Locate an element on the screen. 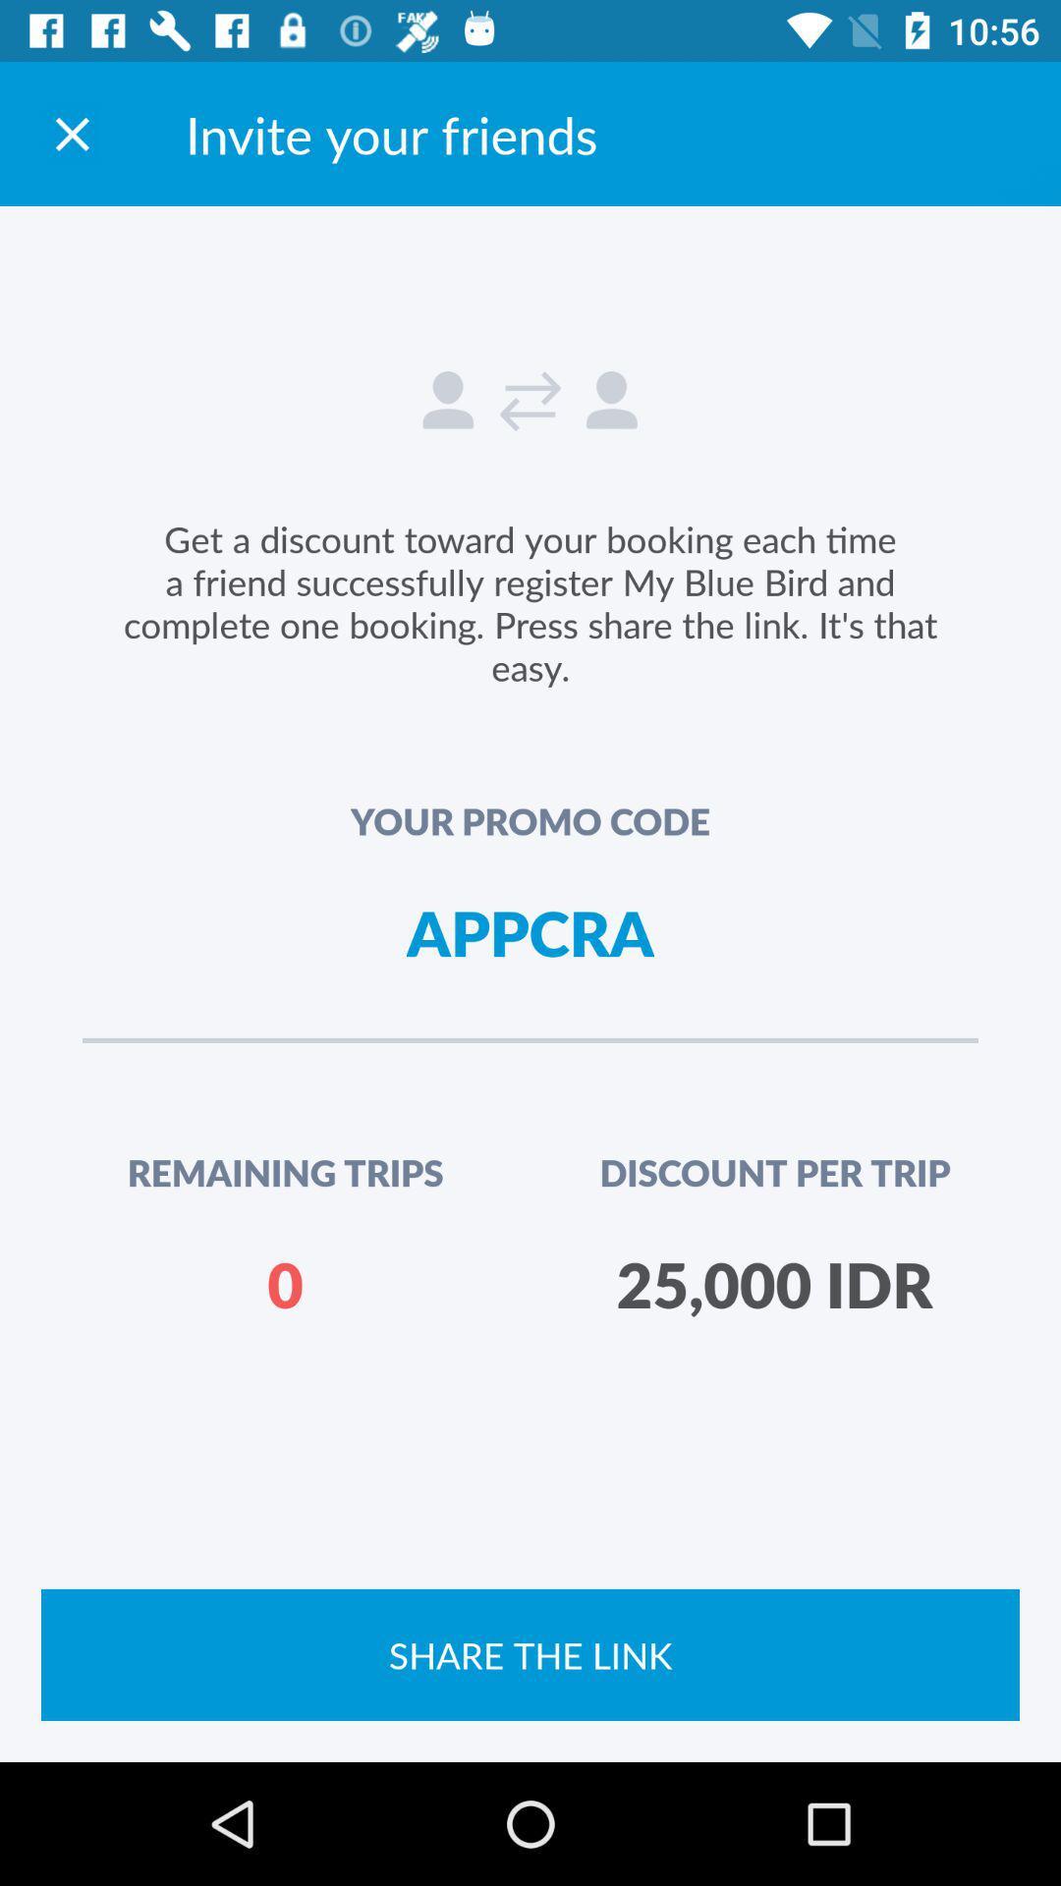 Image resolution: width=1061 pixels, height=1886 pixels. icon is located at coordinates (71, 133).